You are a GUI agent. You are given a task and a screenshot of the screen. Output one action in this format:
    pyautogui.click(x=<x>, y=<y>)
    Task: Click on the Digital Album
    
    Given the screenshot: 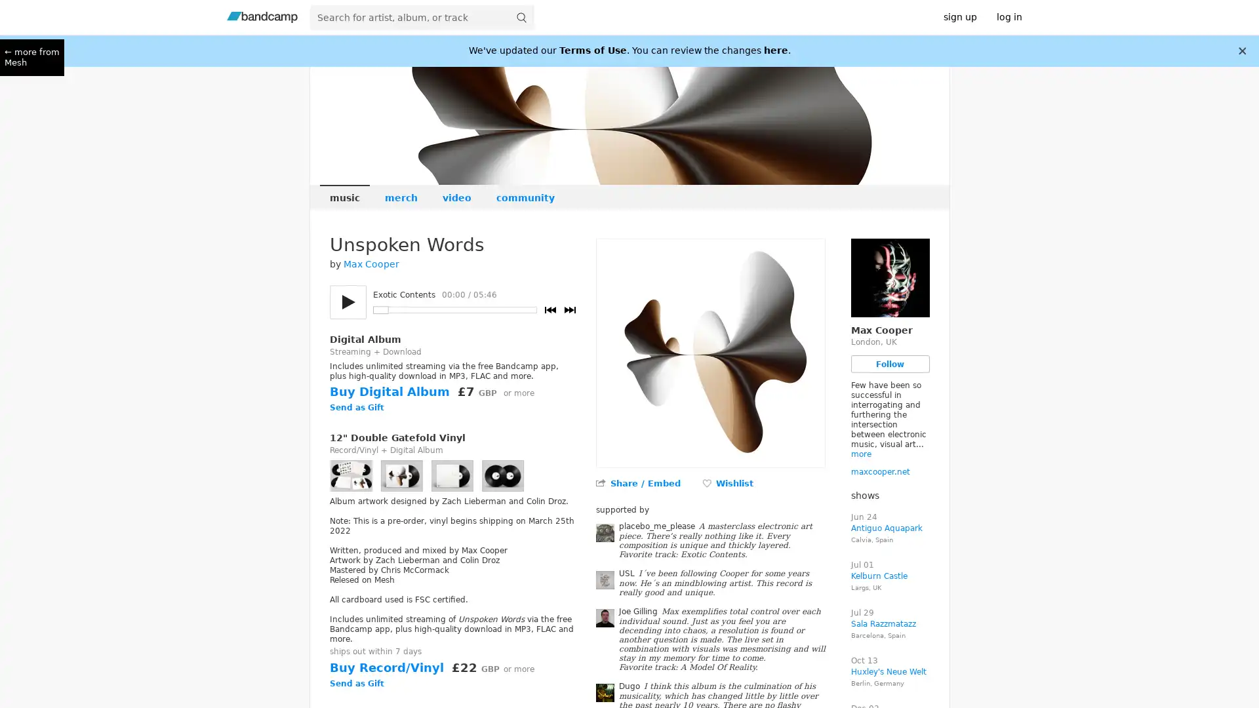 What is the action you would take?
    pyautogui.click(x=365, y=338)
    